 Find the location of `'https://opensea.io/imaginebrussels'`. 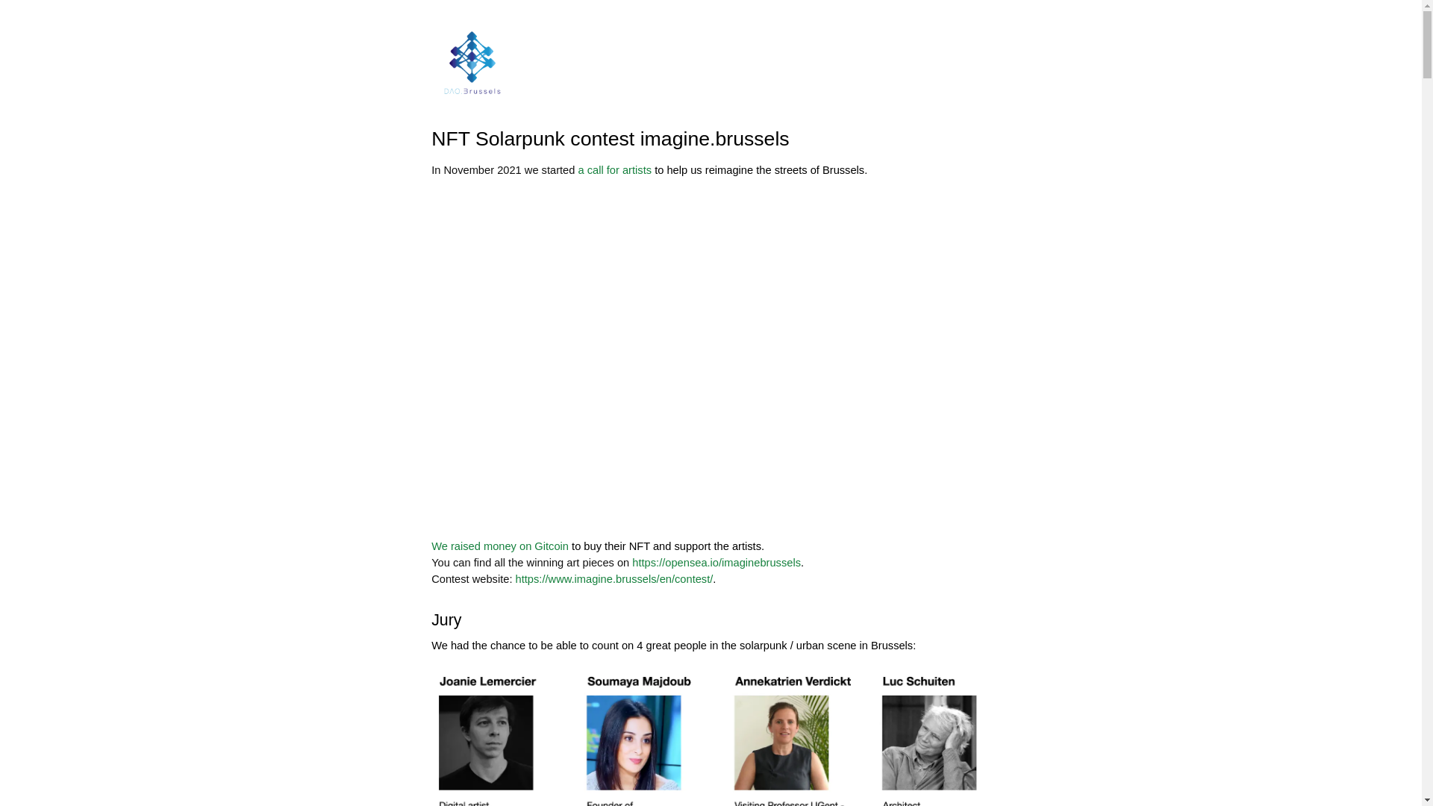

'https://opensea.io/imaginebrussels' is located at coordinates (631, 562).